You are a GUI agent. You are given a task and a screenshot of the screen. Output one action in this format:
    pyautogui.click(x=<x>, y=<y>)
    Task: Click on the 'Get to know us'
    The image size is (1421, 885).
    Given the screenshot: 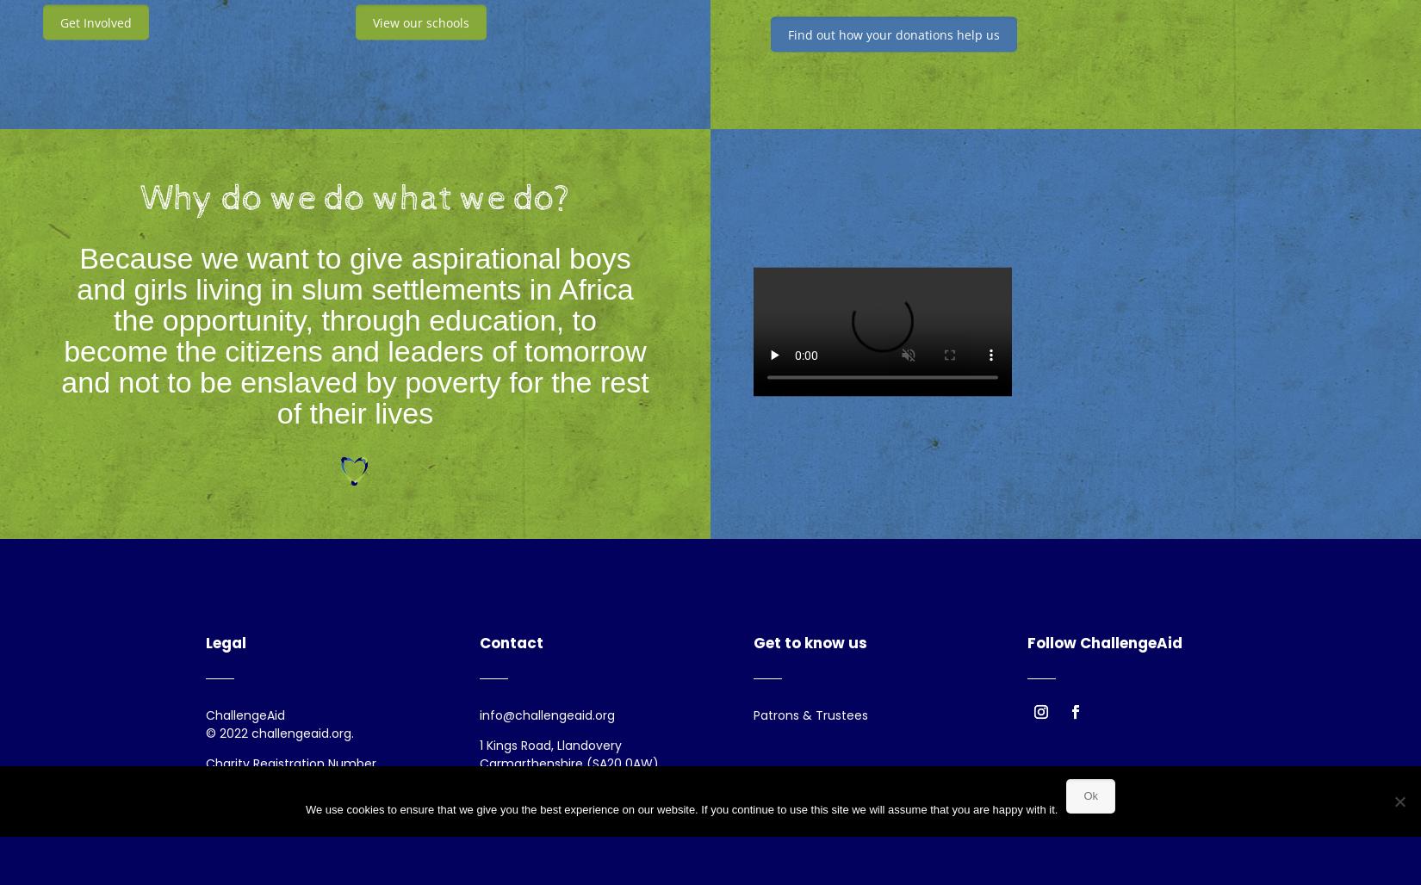 What is the action you would take?
    pyautogui.click(x=753, y=642)
    